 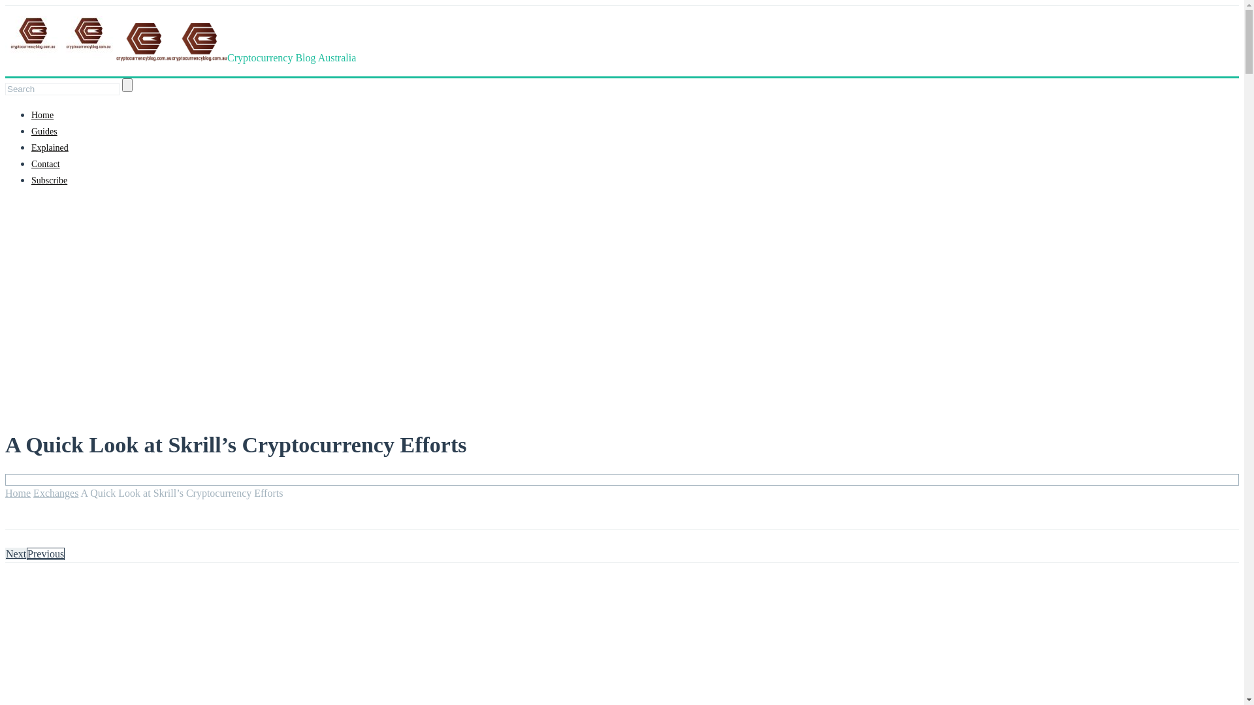 What do you see at coordinates (180, 57) in the screenshot?
I see `'Cryptocurrency Blog Australia'` at bounding box center [180, 57].